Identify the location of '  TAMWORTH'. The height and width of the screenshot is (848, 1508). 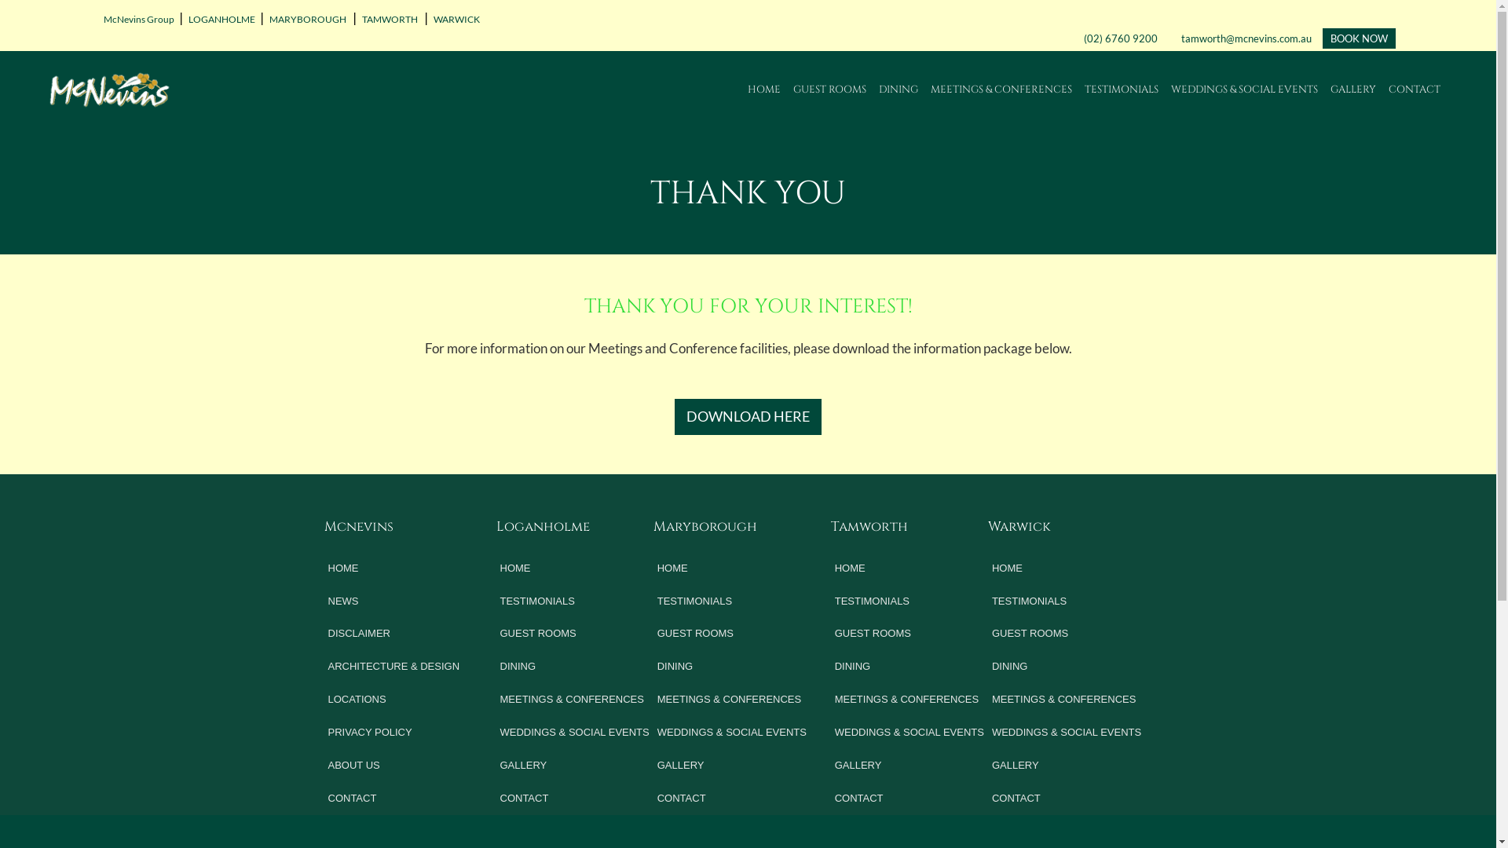
(389, 19).